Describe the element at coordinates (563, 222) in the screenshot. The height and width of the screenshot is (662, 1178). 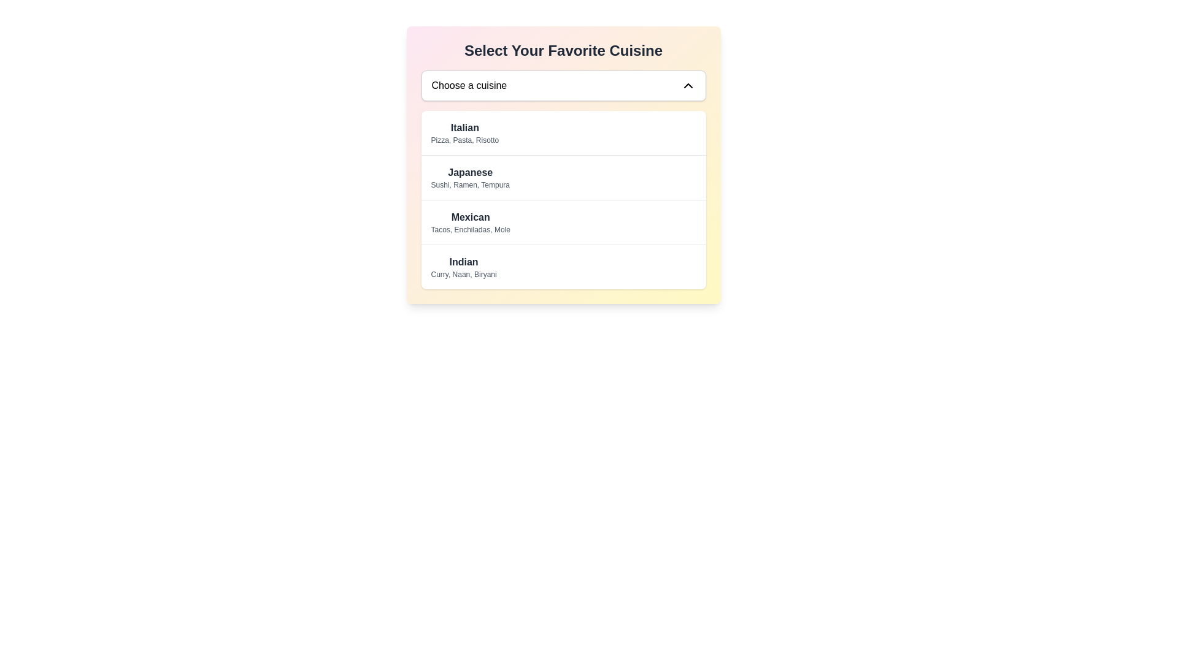
I see `the 'Mexican' option in the dropdown menu titled 'Select Your Favorite Cuisine'` at that location.